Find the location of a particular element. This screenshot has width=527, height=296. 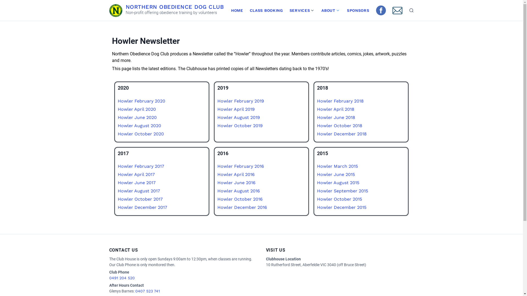

'Howler February 2019' is located at coordinates (241, 101).